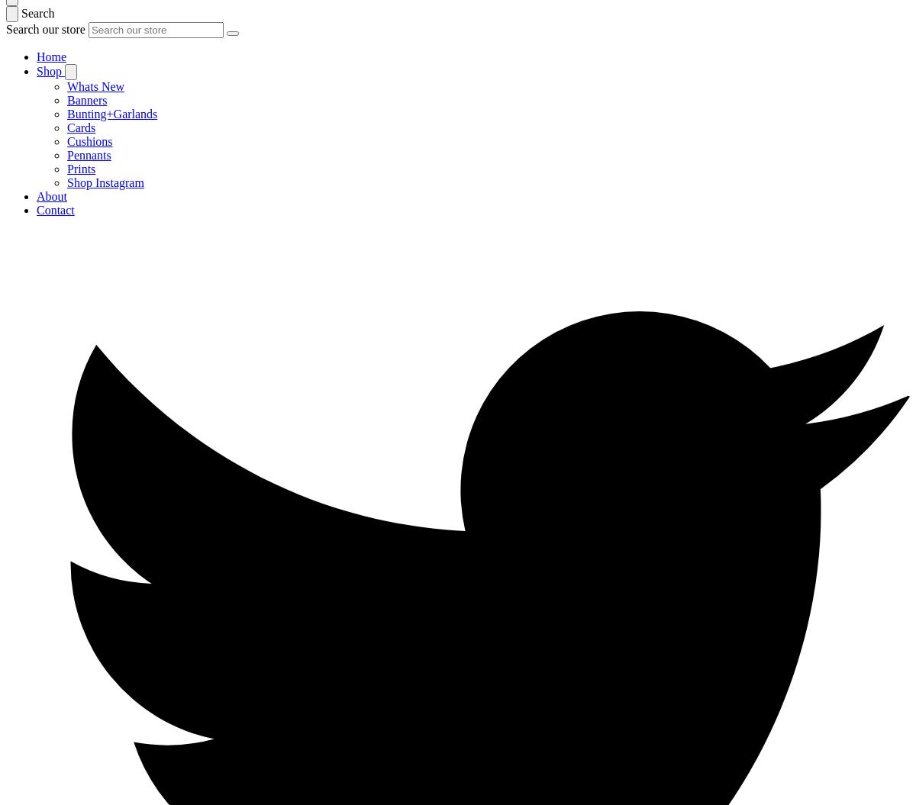 This screenshot has width=916, height=805. What do you see at coordinates (66, 85) in the screenshot?
I see `'Whats New'` at bounding box center [66, 85].